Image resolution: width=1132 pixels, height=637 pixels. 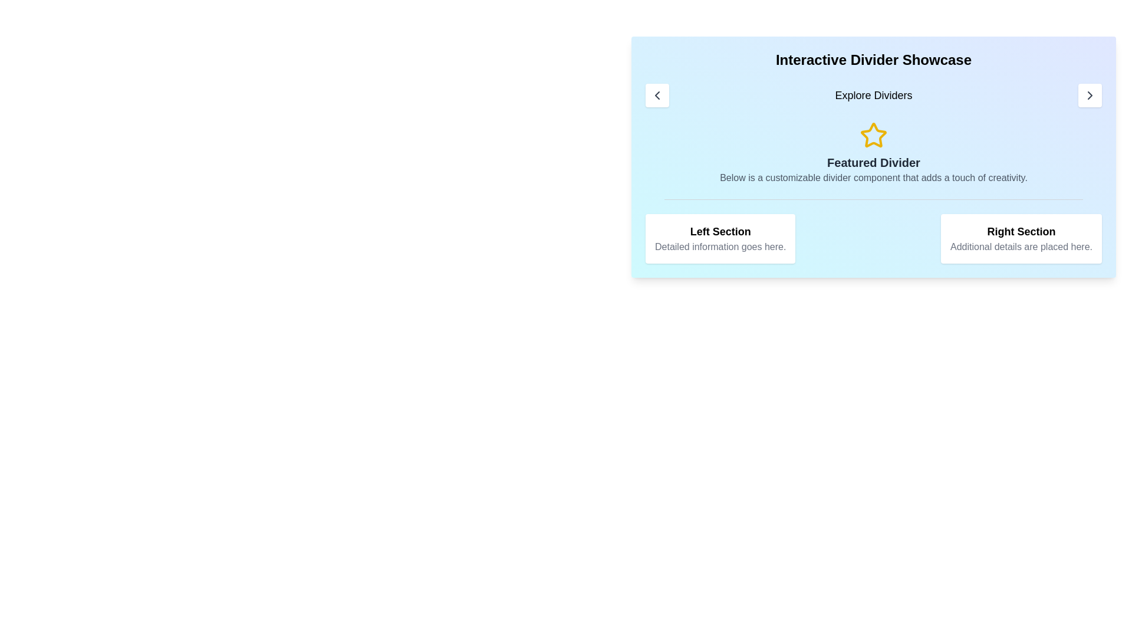 I want to click on the left navigation button located at the far left of the header section, so click(x=656, y=95).